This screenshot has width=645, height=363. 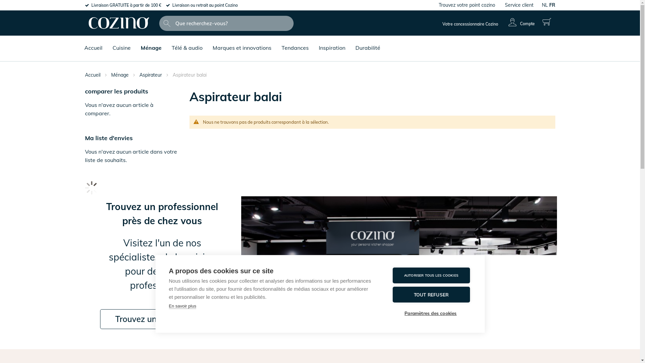 What do you see at coordinates (242, 43) in the screenshot?
I see `'Marques et innovations'` at bounding box center [242, 43].